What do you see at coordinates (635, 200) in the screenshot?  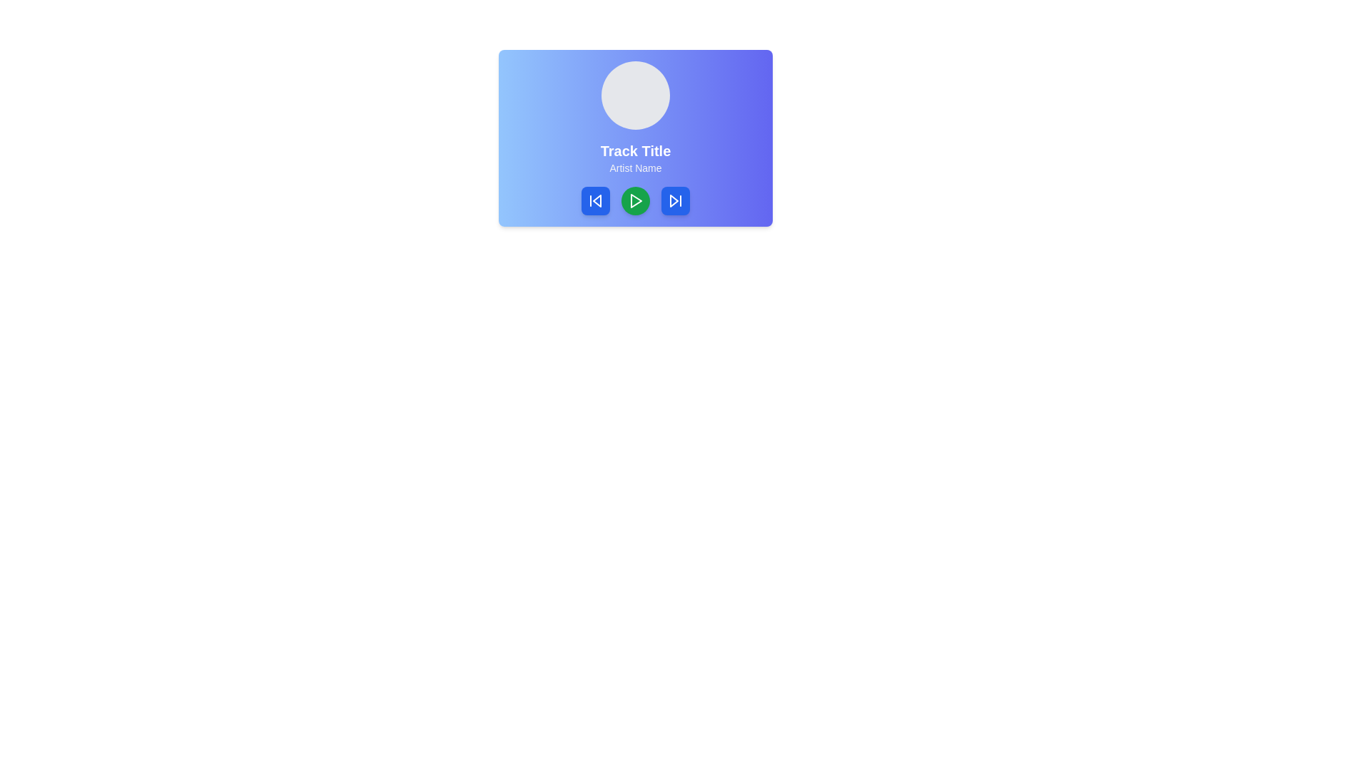 I see `the circular green button with a white triangular play icon to trigger the scaling animation` at bounding box center [635, 200].